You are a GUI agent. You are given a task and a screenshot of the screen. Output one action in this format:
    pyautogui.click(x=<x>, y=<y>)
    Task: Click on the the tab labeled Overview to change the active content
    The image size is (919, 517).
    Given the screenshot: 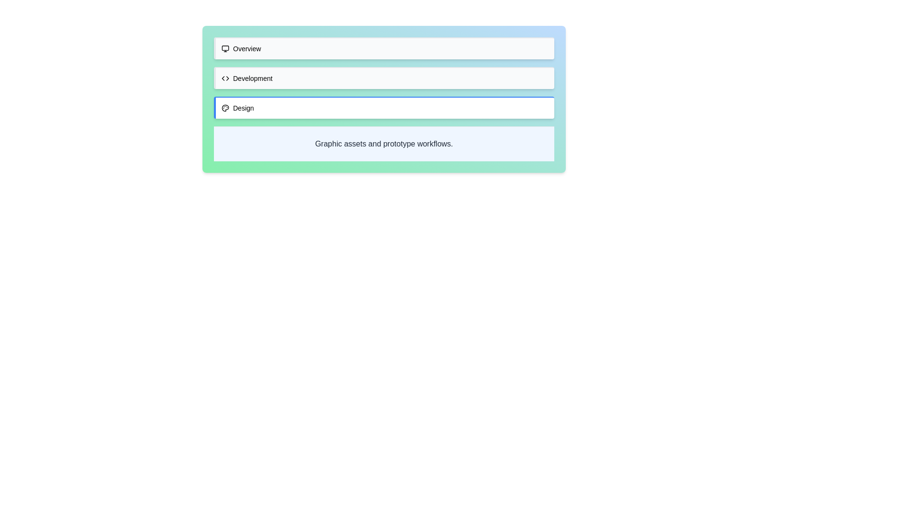 What is the action you would take?
    pyautogui.click(x=384, y=48)
    